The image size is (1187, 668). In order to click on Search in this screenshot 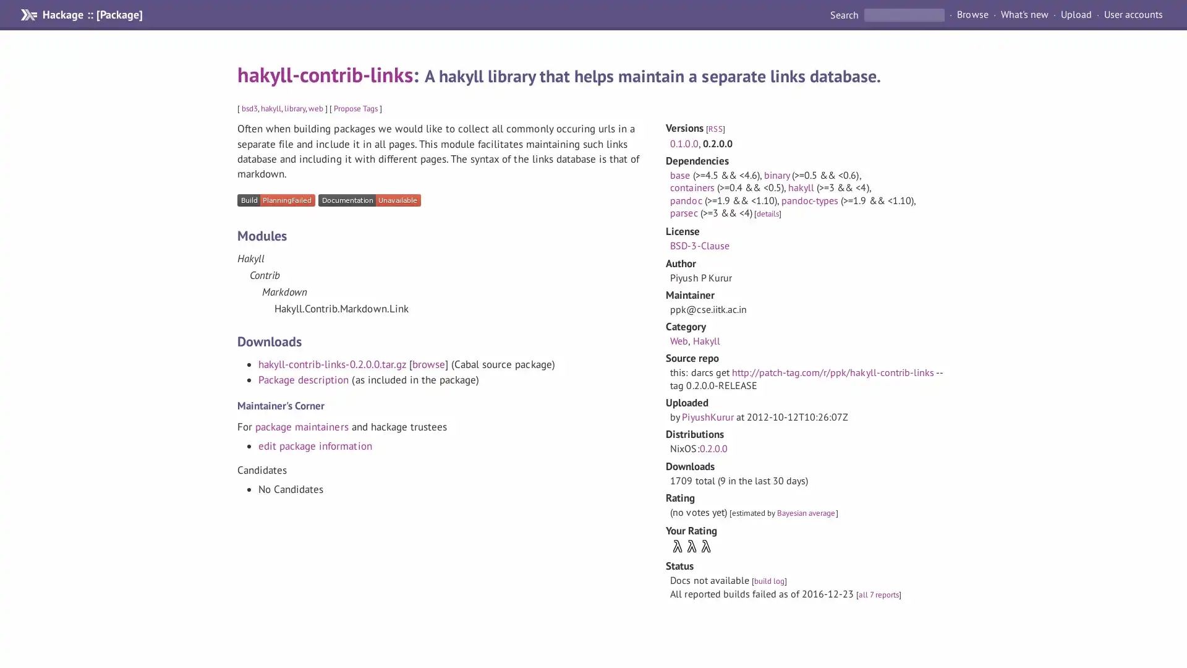, I will do `click(845, 14)`.